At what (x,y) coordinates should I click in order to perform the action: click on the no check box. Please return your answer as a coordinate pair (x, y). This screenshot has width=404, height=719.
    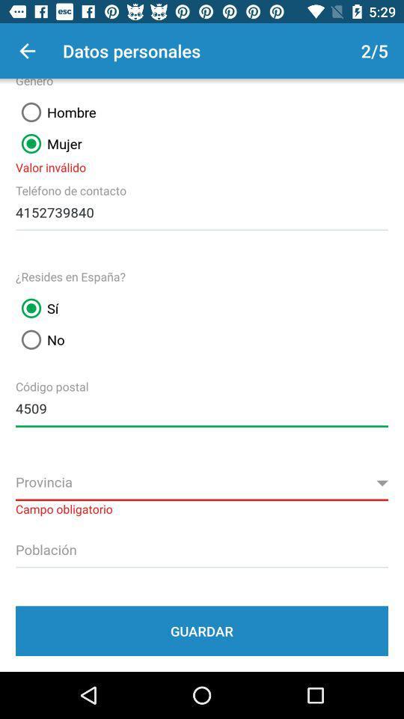
    Looking at the image, I should click on (40, 339).